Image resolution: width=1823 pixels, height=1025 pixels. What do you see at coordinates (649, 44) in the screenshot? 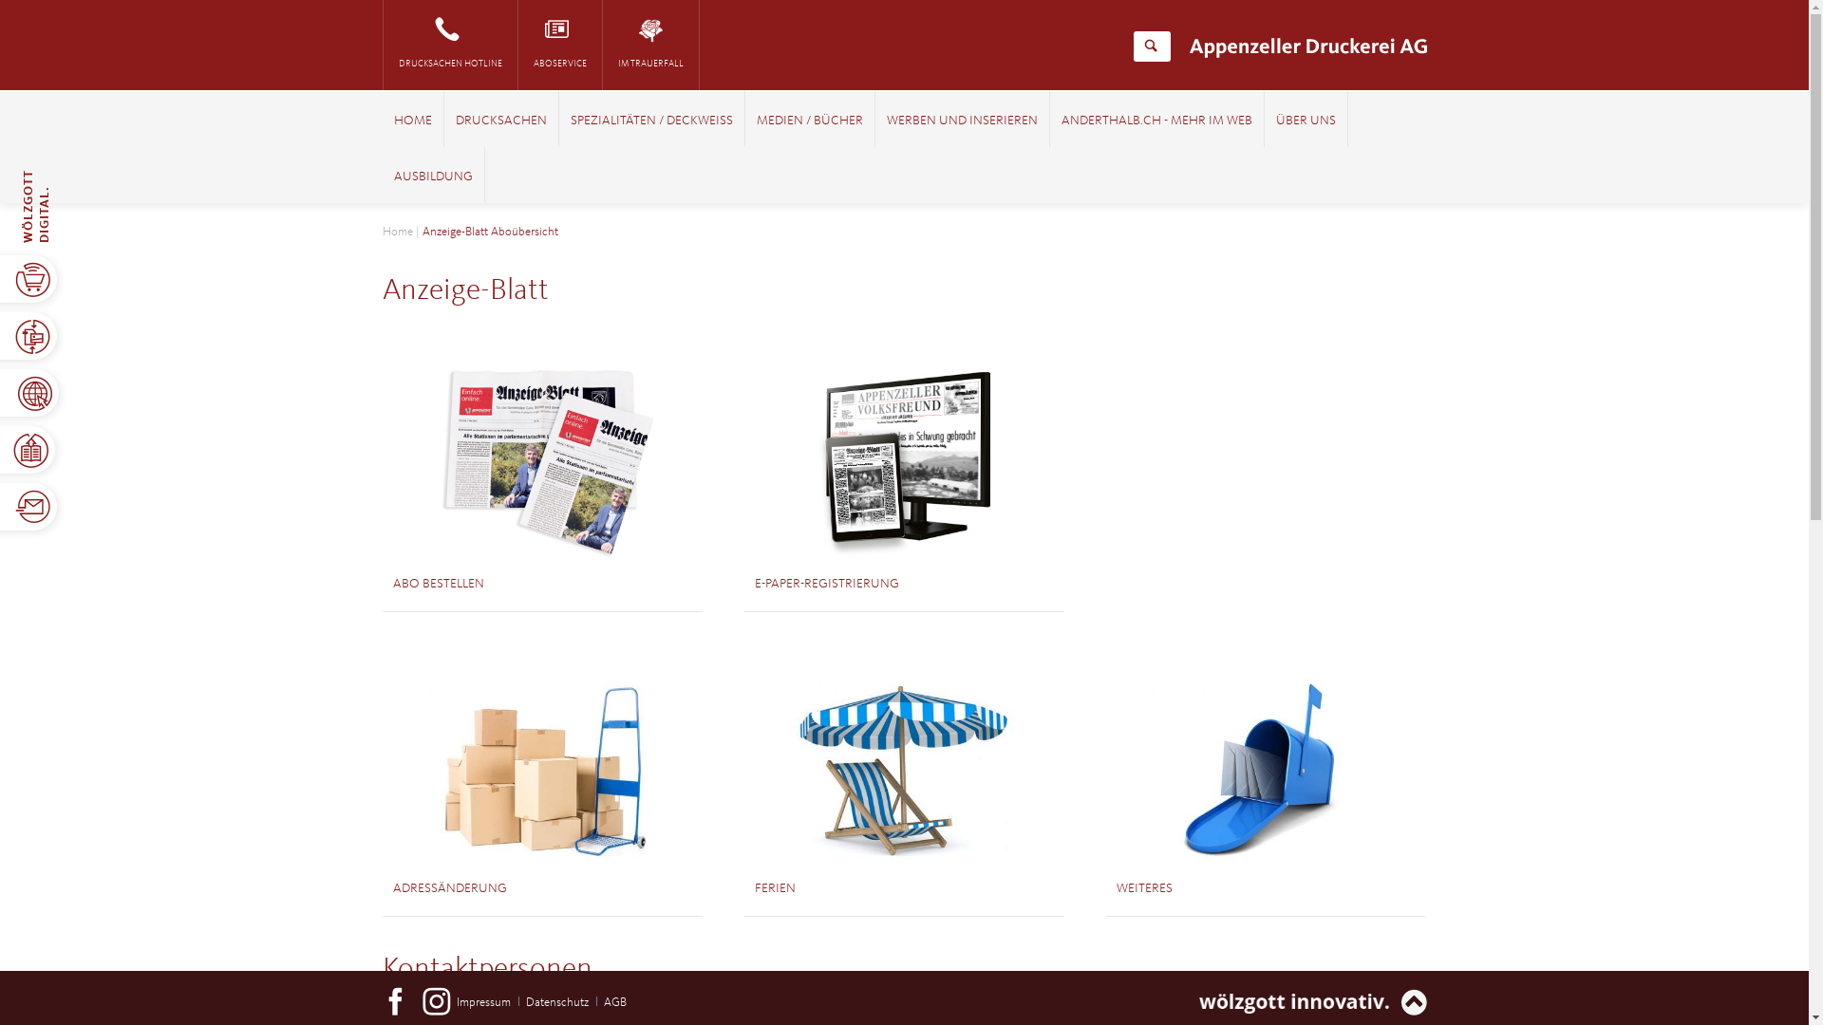
I see `'IM TRAUERFALL'` at bounding box center [649, 44].